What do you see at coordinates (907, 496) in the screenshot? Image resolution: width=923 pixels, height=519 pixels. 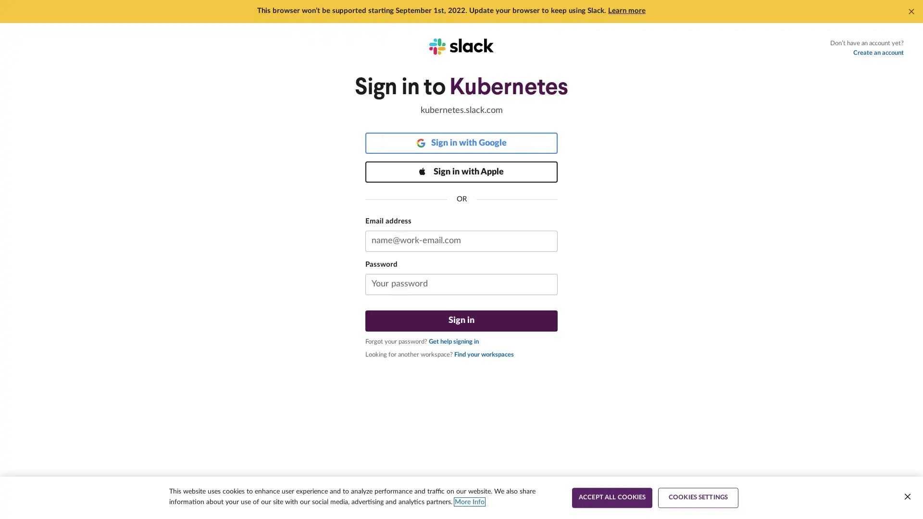 I see `Close` at bounding box center [907, 496].